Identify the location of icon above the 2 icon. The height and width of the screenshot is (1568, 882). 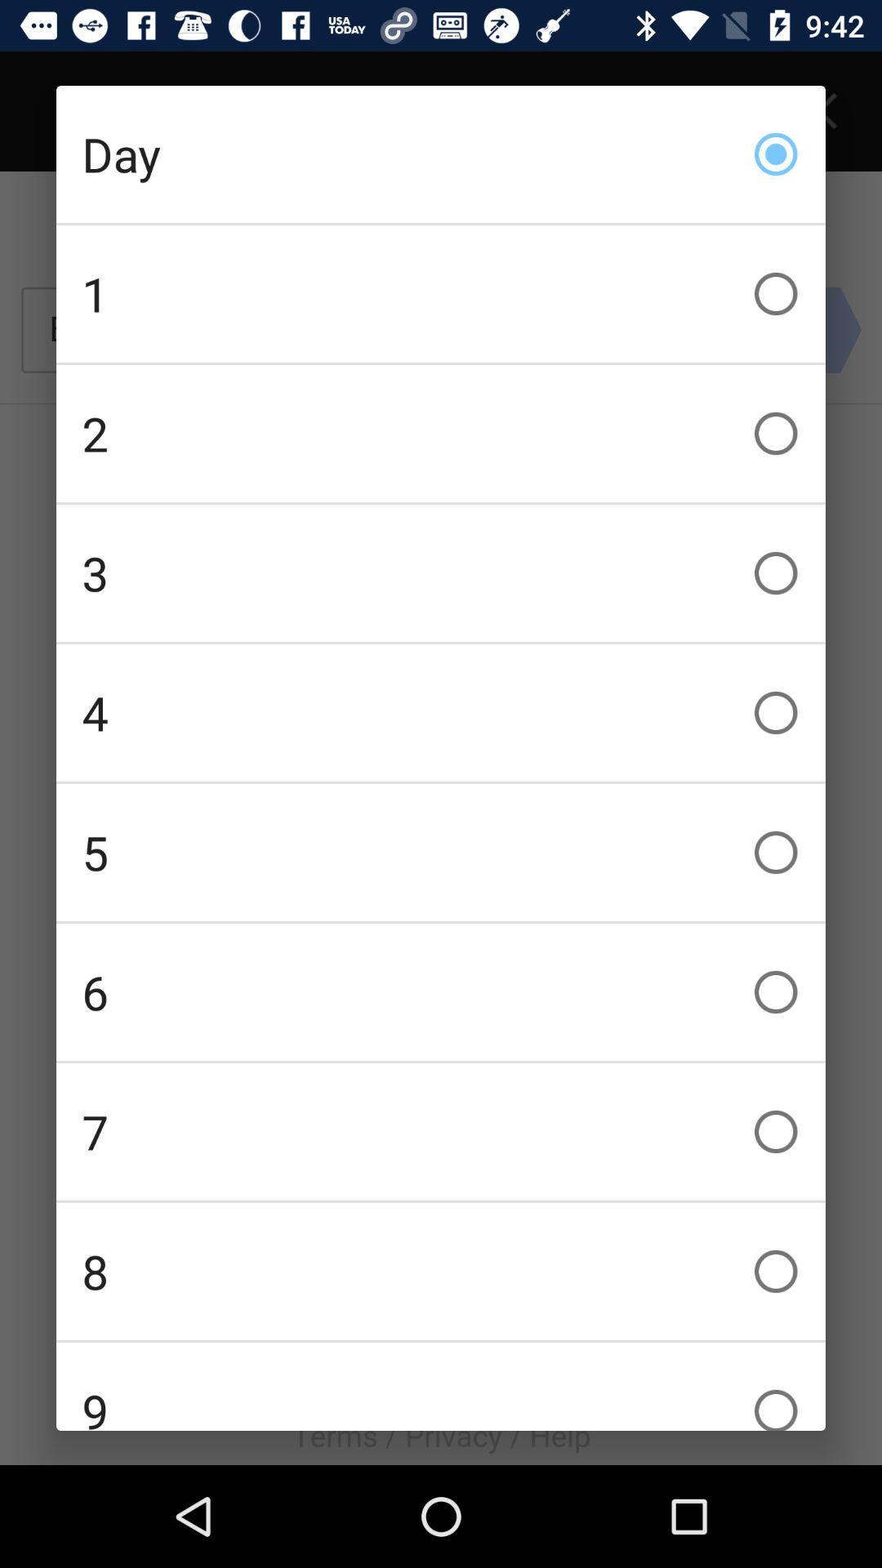
(441, 294).